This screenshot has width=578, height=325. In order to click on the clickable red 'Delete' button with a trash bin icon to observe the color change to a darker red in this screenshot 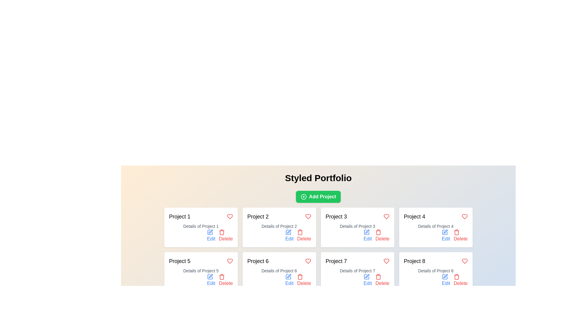, I will do `click(225, 235)`.